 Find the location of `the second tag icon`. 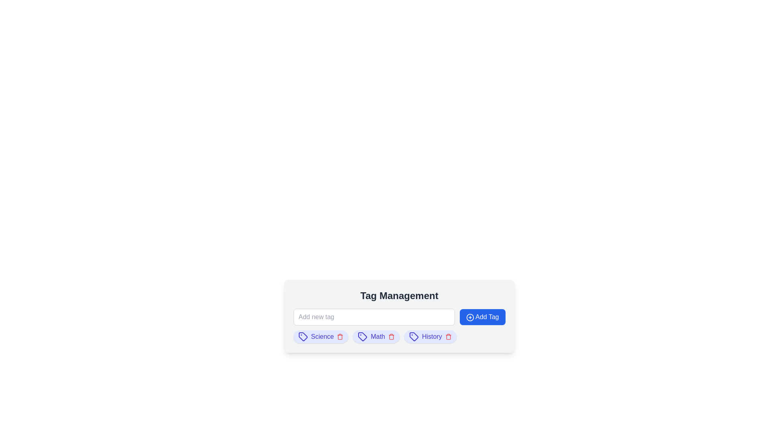

the second tag icon is located at coordinates (362, 336).